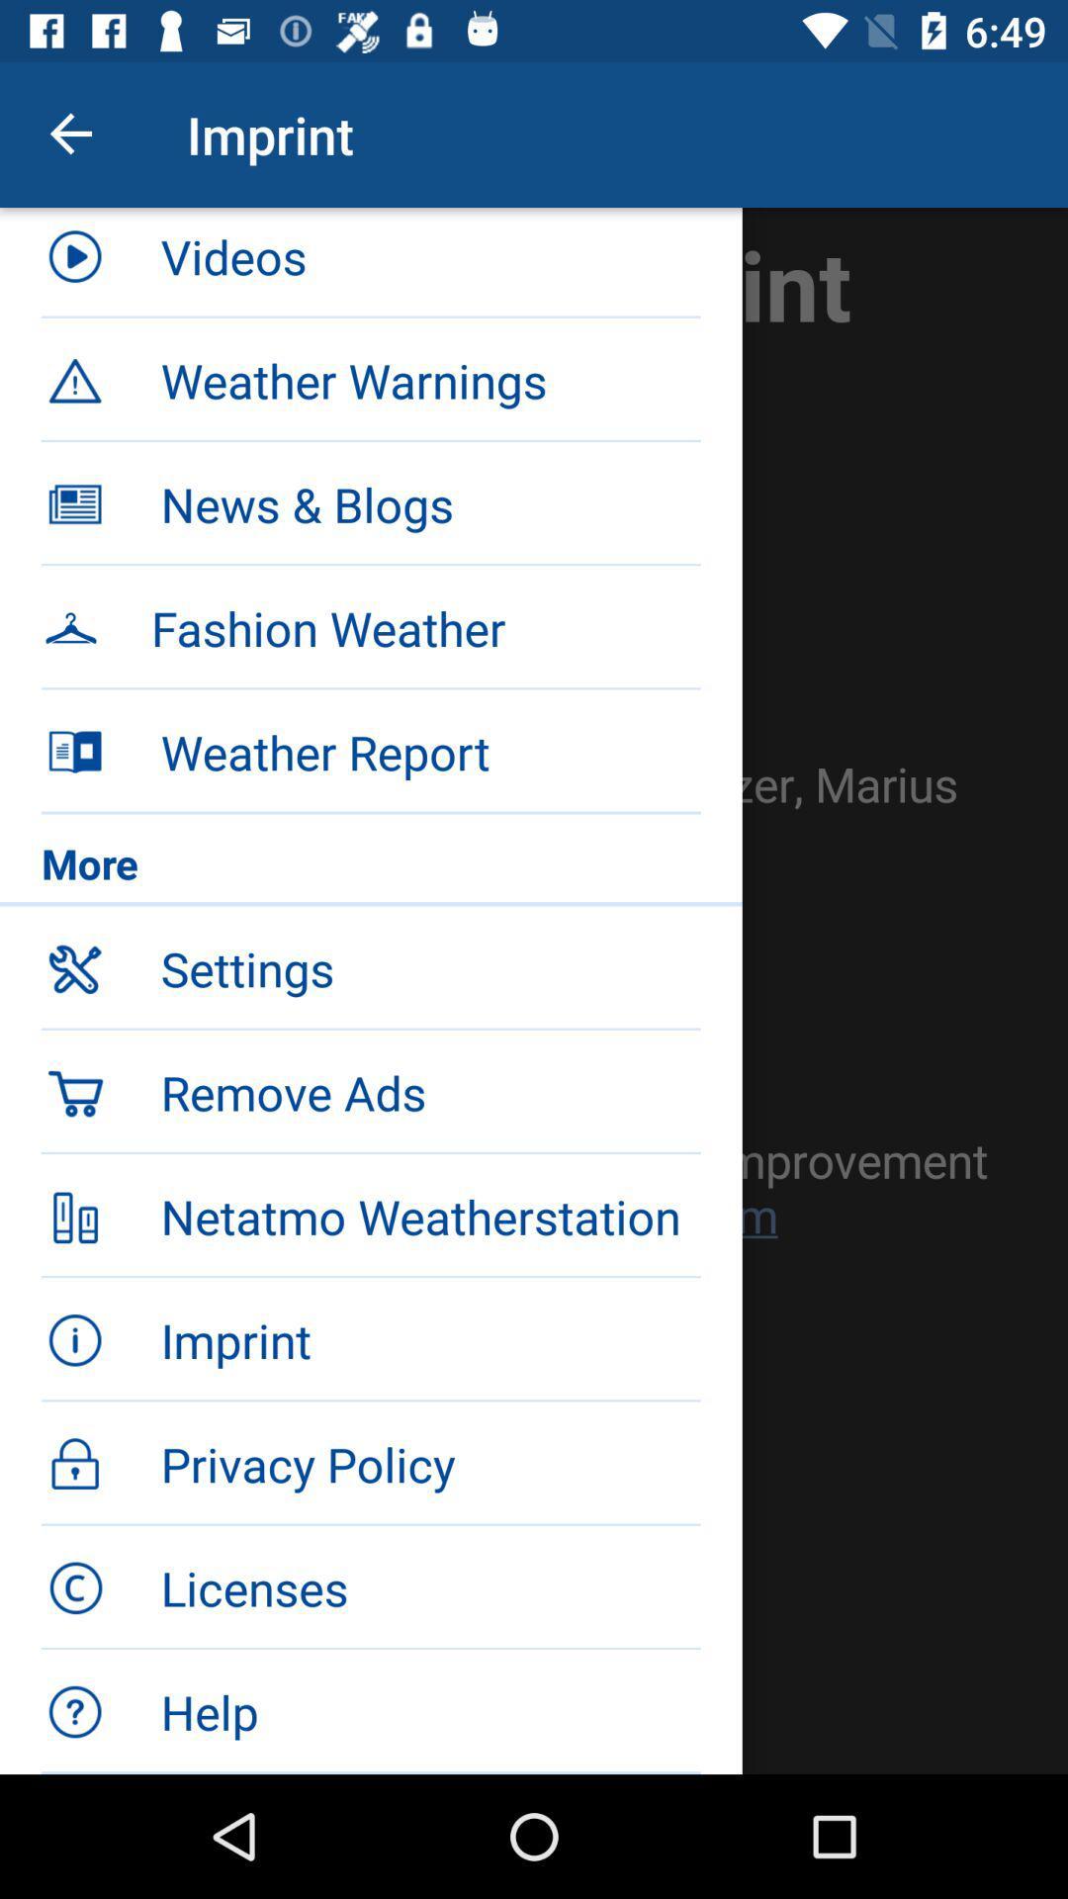 This screenshot has height=1899, width=1068. What do you see at coordinates (429, 262) in the screenshot?
I see `item below the imprint icon` at bounding box center [429, 262].